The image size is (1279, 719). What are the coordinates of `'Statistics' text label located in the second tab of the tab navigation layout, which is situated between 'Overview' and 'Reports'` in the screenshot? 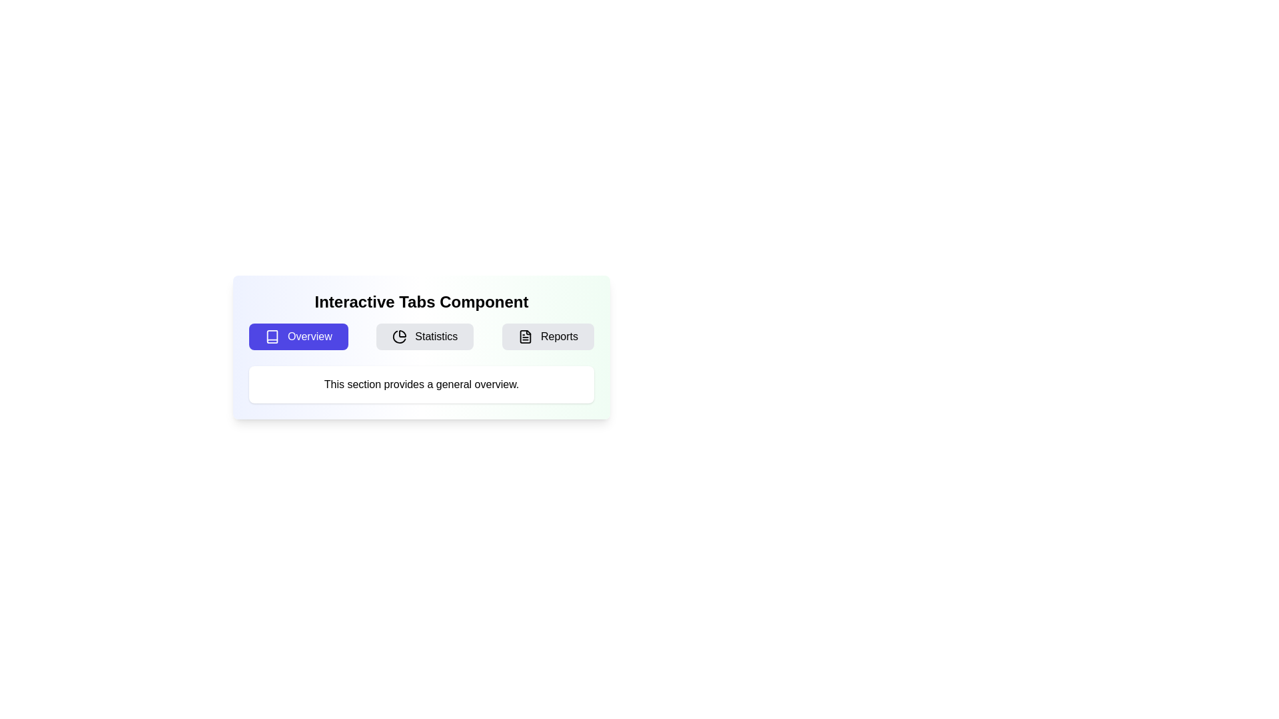 It's located at (436, 336).